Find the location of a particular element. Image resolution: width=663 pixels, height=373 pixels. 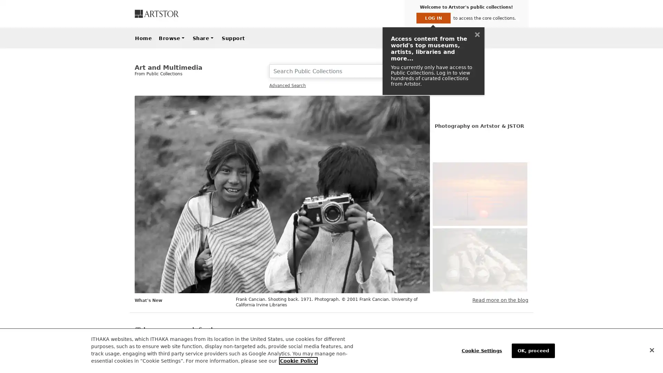

Close is located at coordinates (651, 350).